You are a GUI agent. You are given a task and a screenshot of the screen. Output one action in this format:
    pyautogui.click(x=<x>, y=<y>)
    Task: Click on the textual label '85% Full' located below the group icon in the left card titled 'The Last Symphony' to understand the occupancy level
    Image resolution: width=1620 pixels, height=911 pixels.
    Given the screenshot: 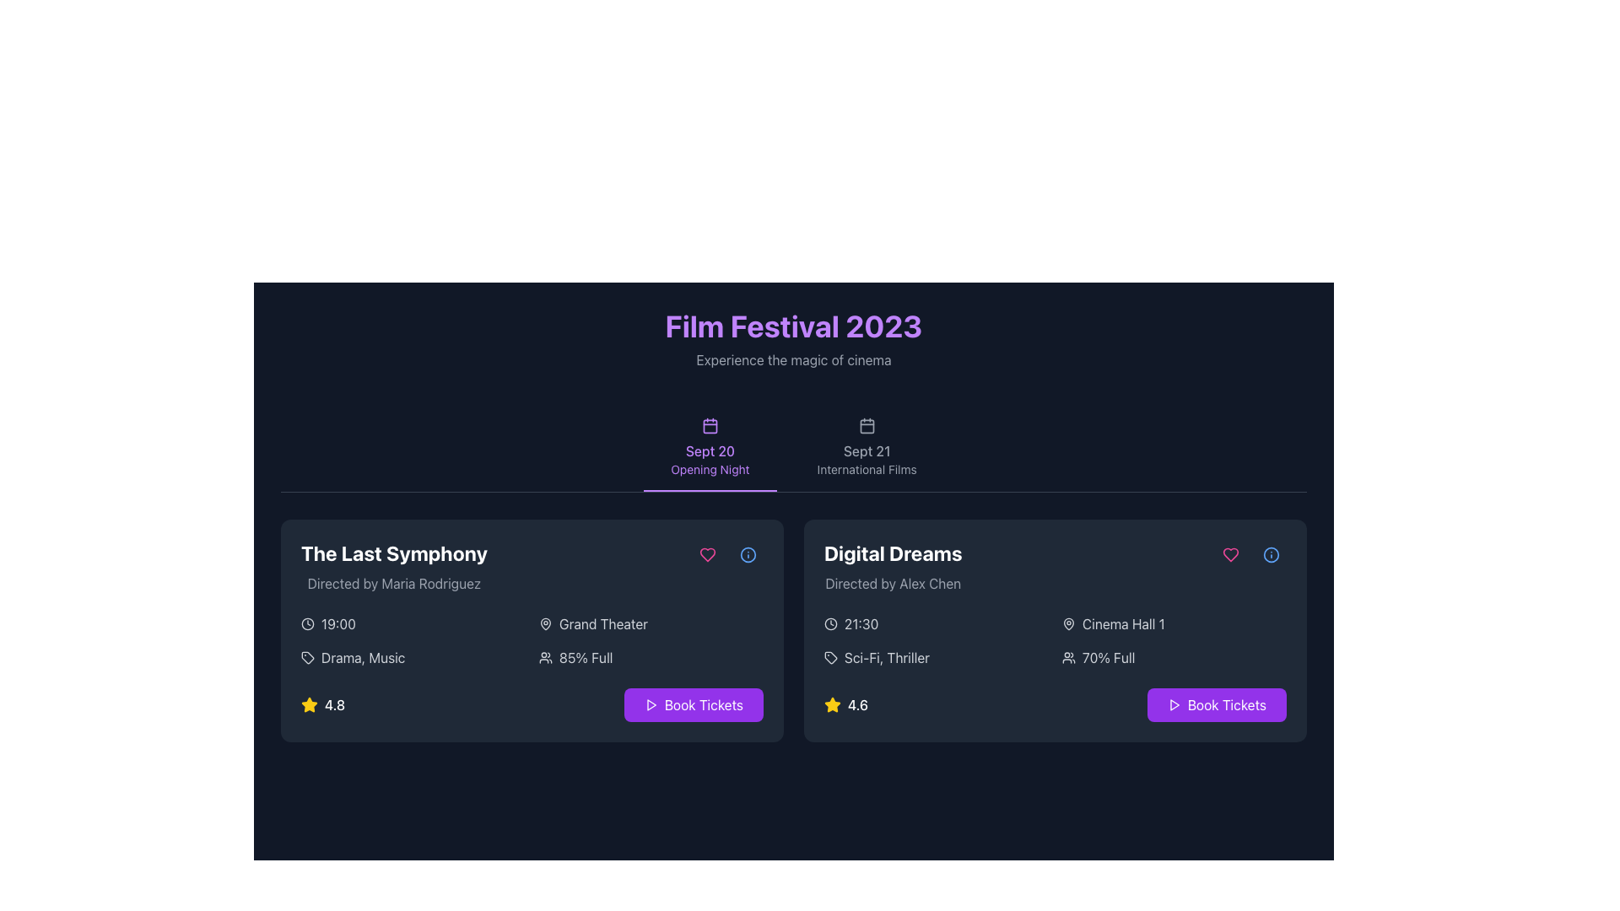 What is the action you would take?
    pyautogui.click(x=586, y=656)
    